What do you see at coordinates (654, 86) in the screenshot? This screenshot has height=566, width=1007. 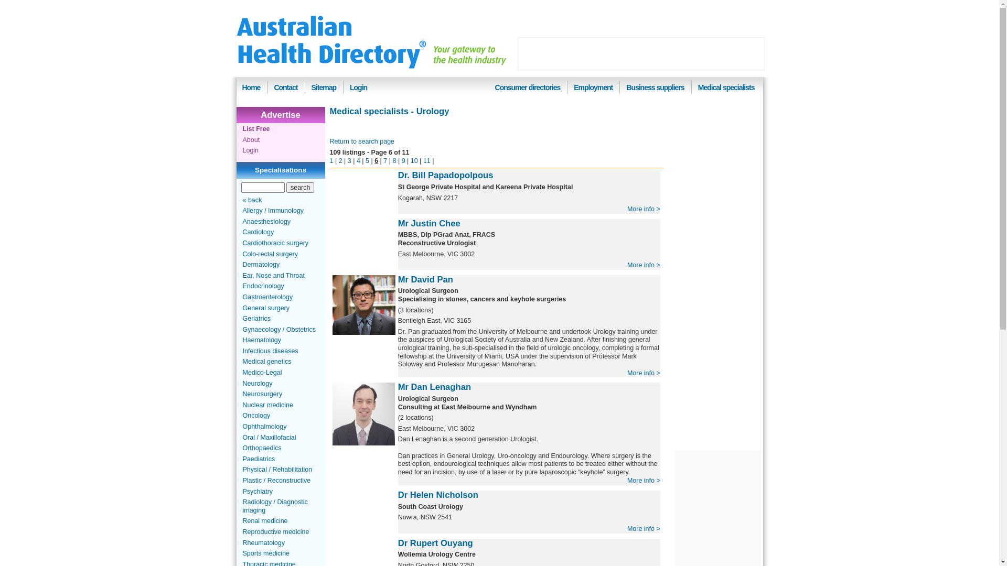 I see `'Business suppliers'` at bounding box center [654, 86].